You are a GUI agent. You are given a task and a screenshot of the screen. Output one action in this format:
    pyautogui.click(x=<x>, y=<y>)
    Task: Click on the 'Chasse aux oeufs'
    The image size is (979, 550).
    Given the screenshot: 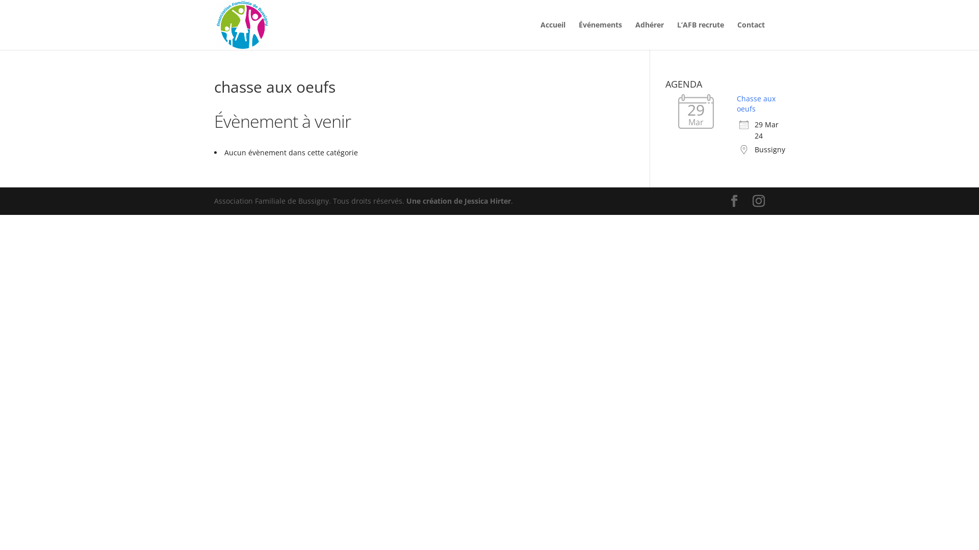 What is the action you would take?
    pyautogui.click(x=756, y=103)
    